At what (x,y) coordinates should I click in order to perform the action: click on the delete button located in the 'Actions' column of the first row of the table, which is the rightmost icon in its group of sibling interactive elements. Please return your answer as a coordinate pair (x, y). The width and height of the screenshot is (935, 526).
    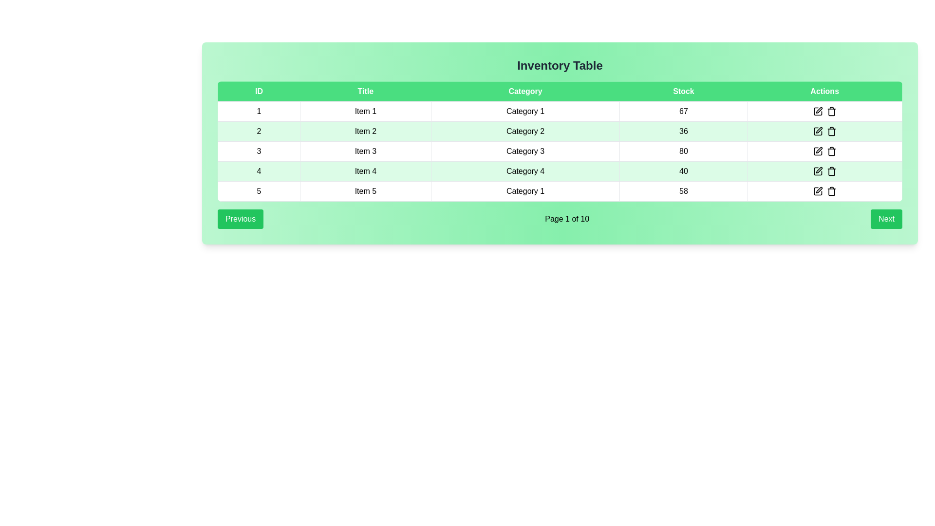
    Looking at the image, I should click on (831, 111).